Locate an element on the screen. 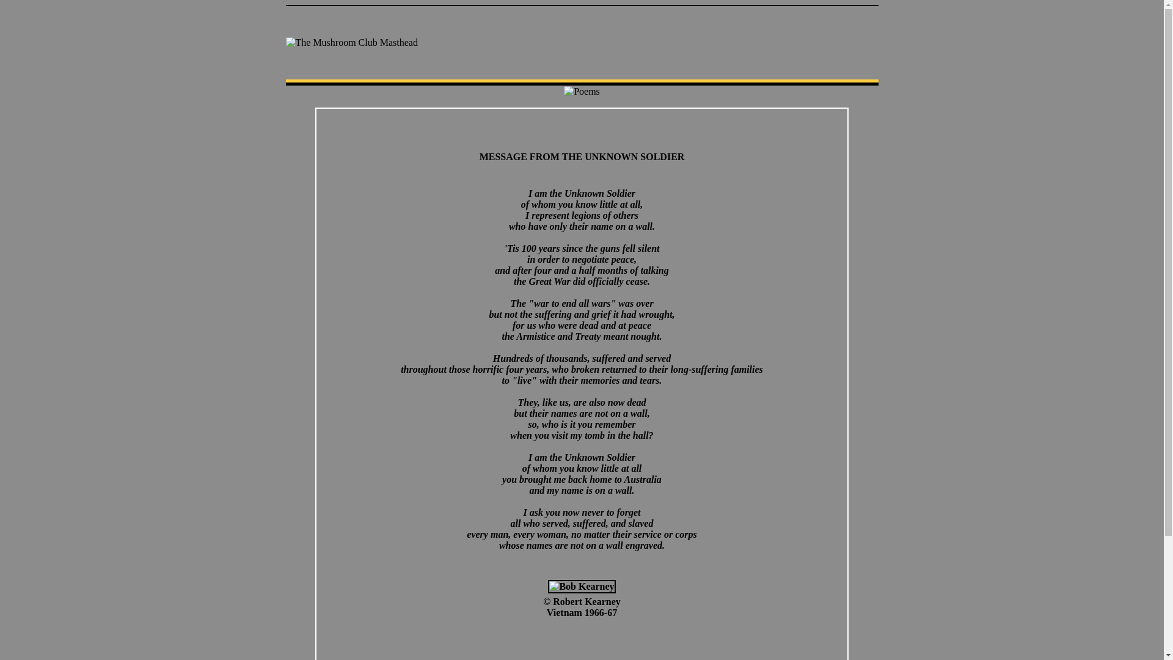 The height and width of the screenshot is (660, 1173). 'Bob Kearney' is located at coordinates (580, 586).